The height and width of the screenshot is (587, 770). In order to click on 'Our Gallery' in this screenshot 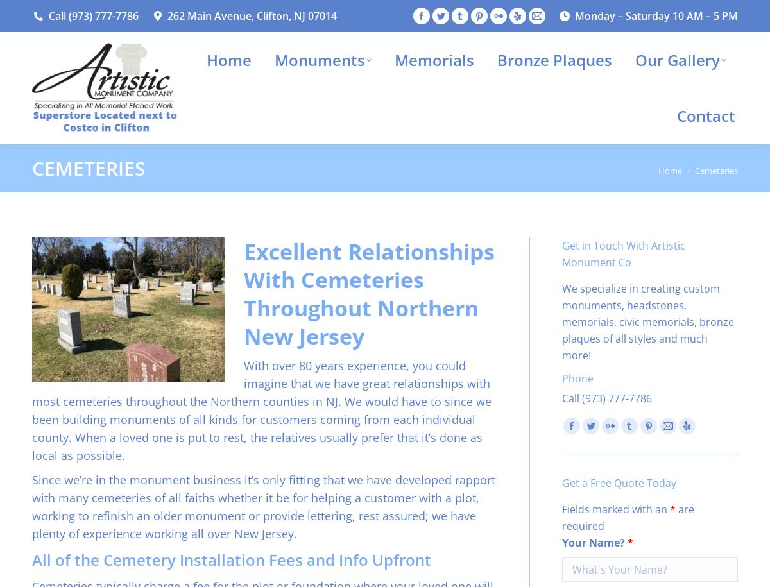, I will do `click(635, 58)`.